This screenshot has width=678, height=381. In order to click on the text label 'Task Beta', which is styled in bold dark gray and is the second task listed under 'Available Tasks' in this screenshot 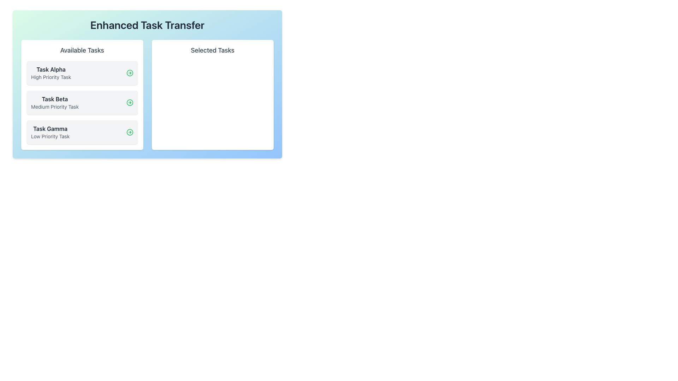, I will do `click(54, 99)`.